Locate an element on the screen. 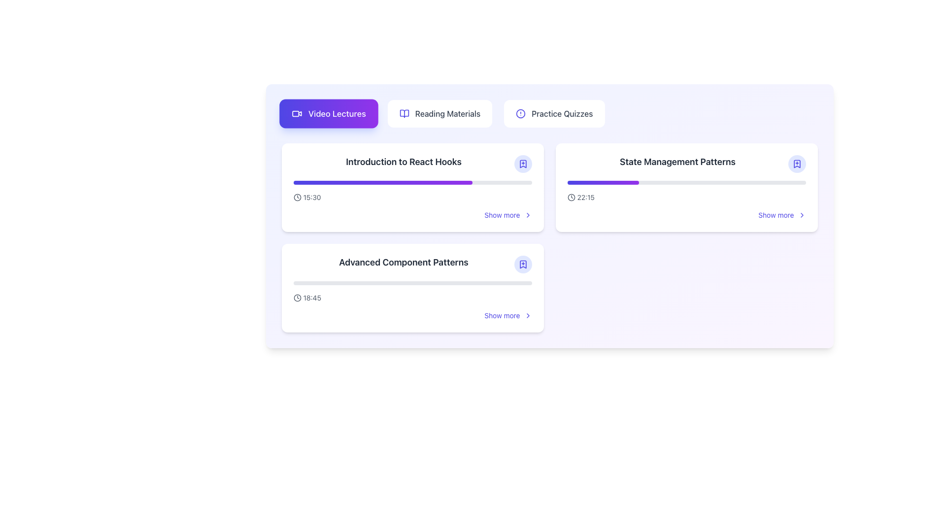 This screenshot has width=946, height=532. the Vector Graphics Circle that serves as the clock face for the clock icon, located at the center of the clock icon in the lower left corner of the 'Advanced Component Patterns' card on the interface is located at coordinates (297, 298).